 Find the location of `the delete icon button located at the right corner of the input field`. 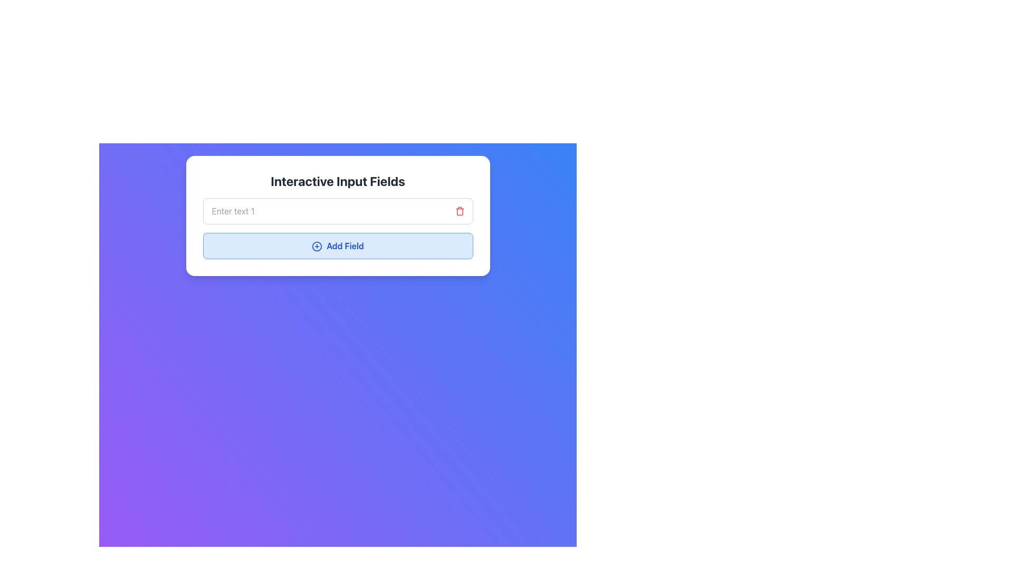

the delete icon button located at the right corner of the input field is located at coordinates (460, 211).